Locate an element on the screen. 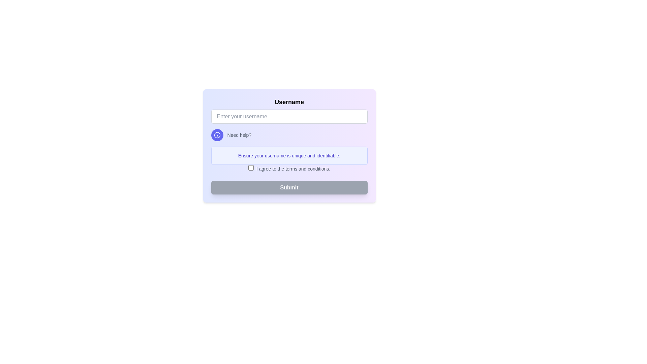 Image resolution: width=647 pixels, height=364 pixels. the text label that reads 'Ensure your username is unique and identifiable.' which is styled in smaller indigo text within a bordered and rounded rectangular notification box is located at coordinates (289, 156).